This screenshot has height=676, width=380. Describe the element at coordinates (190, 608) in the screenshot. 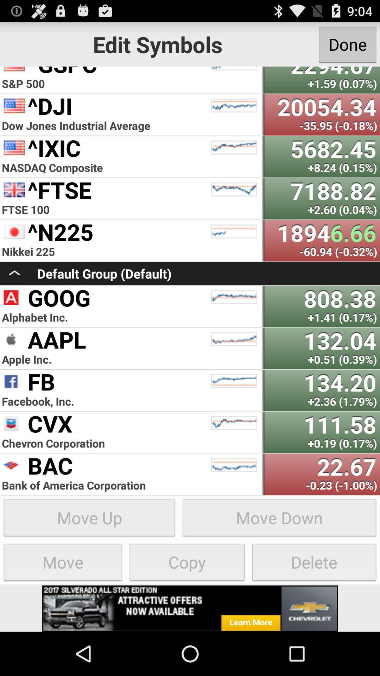

I see `advertisement` at that location.